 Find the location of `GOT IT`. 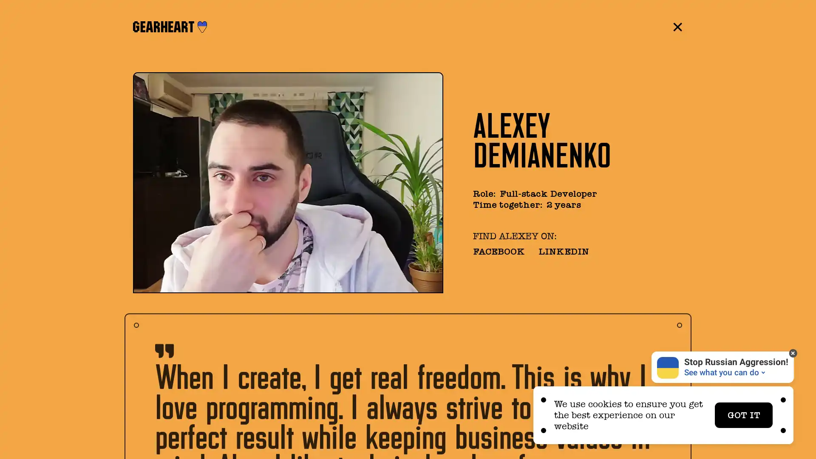

GOT IT is located at coordinates (743, 414).